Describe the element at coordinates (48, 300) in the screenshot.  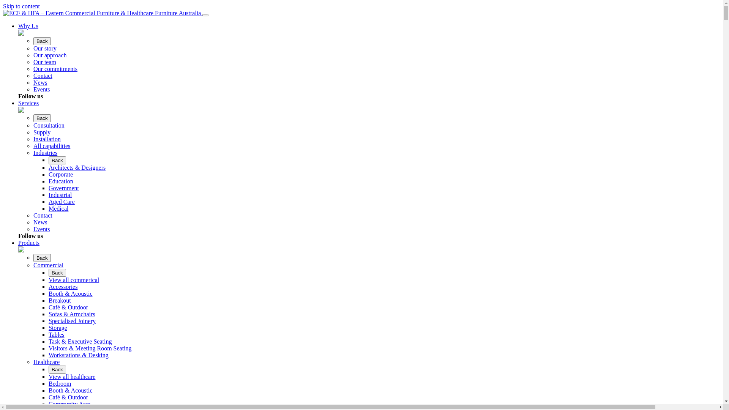
I see `'Breakout'` at that location.